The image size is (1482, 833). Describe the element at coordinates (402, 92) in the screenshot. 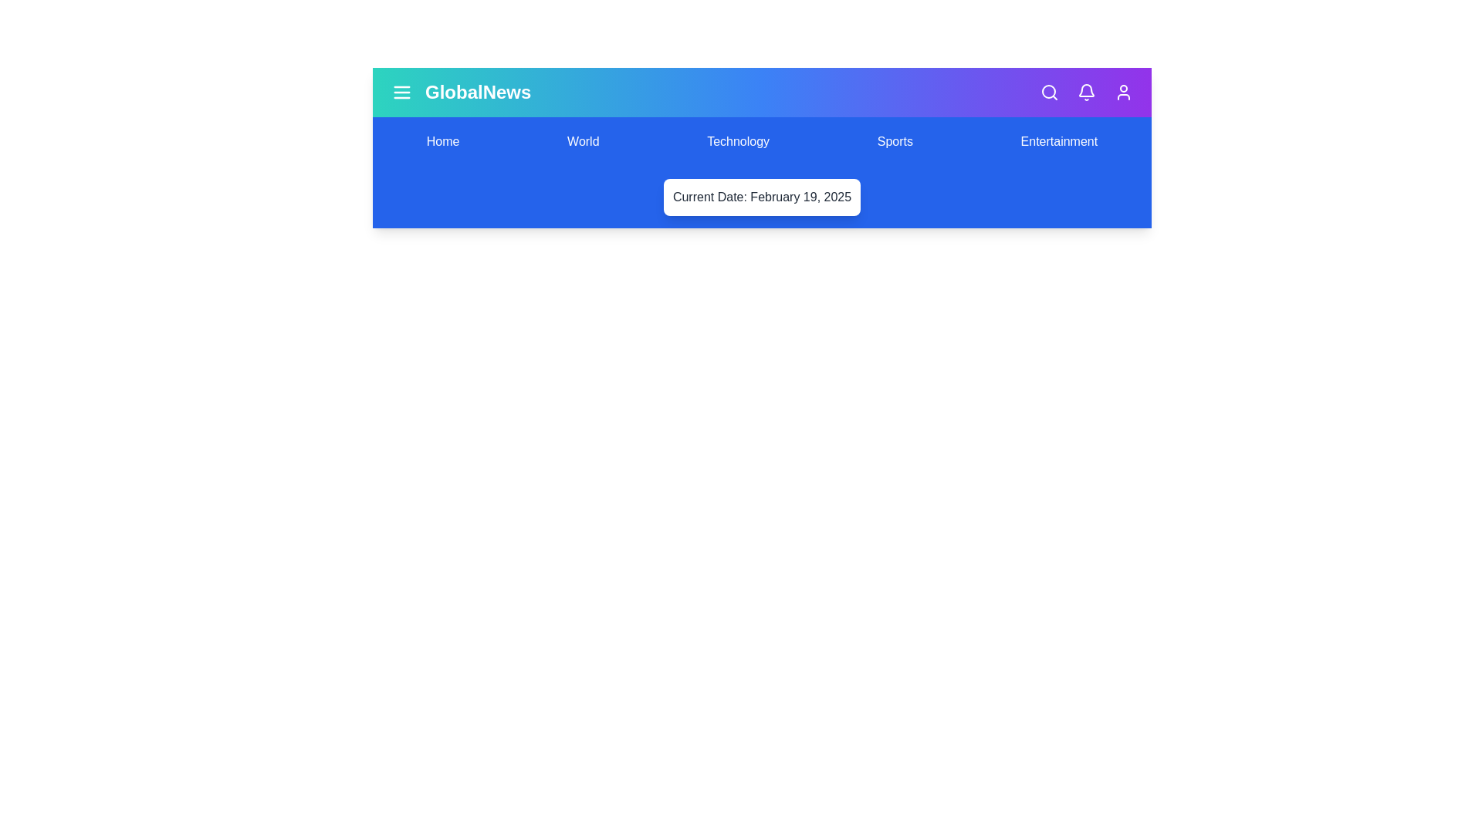

I see `the menu icon to toggle the menu visibility` at that location.